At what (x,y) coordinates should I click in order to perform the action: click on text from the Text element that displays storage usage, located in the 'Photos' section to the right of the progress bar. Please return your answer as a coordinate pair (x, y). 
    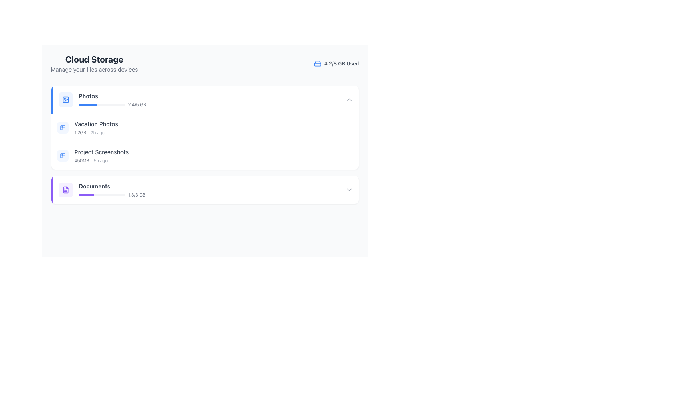
    Looking at the image, I should click on (137, 105).